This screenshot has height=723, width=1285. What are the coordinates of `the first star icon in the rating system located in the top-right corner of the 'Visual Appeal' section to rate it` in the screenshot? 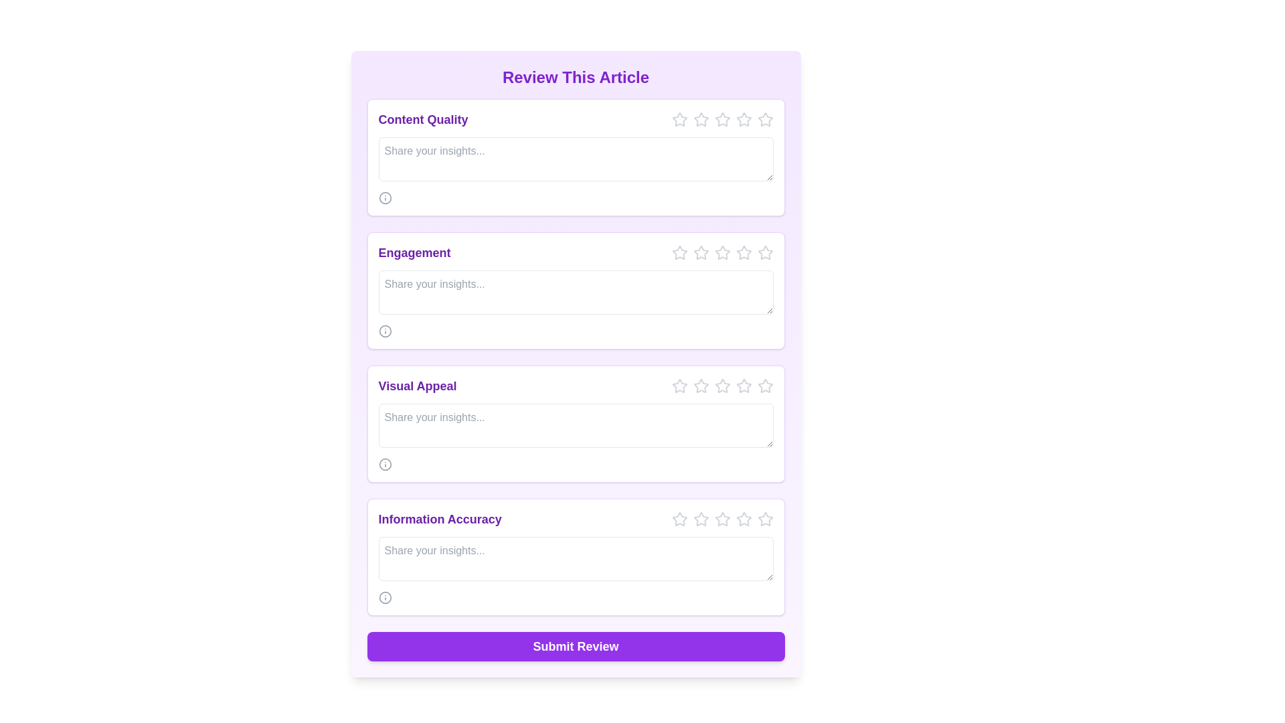 It's located at (679, 386).